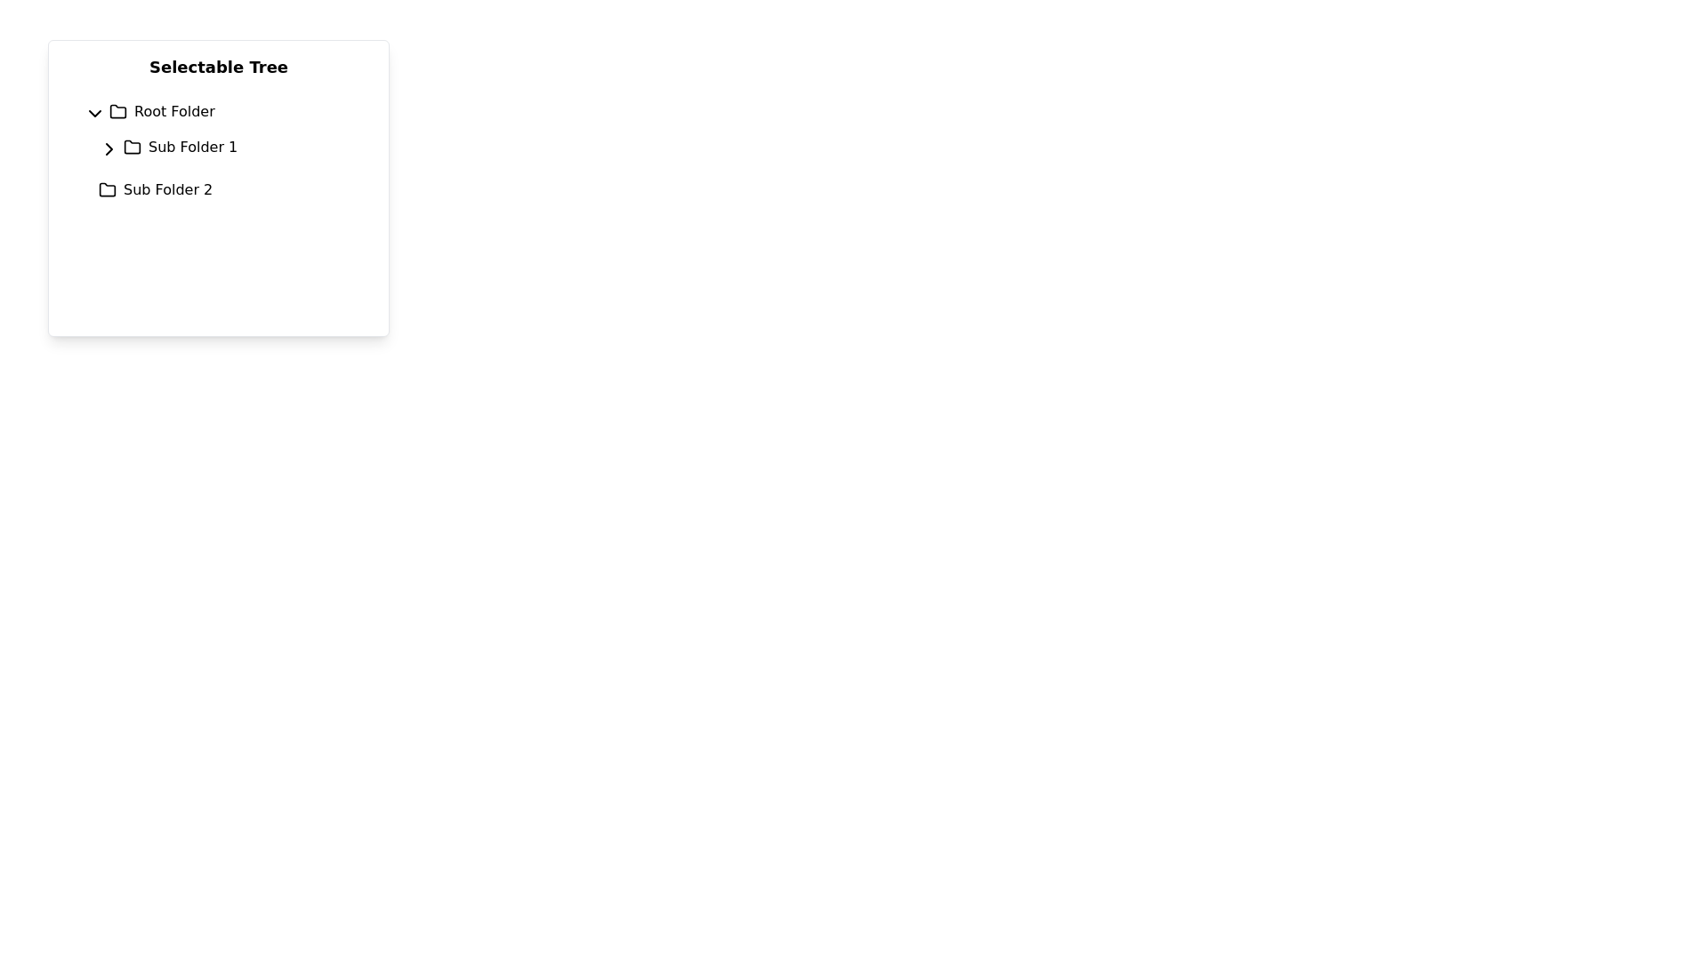  What do you see at coordinates (106, 189) in the screenshot?
I see `the SVG folder icon located` at bounding box center [106, 189].